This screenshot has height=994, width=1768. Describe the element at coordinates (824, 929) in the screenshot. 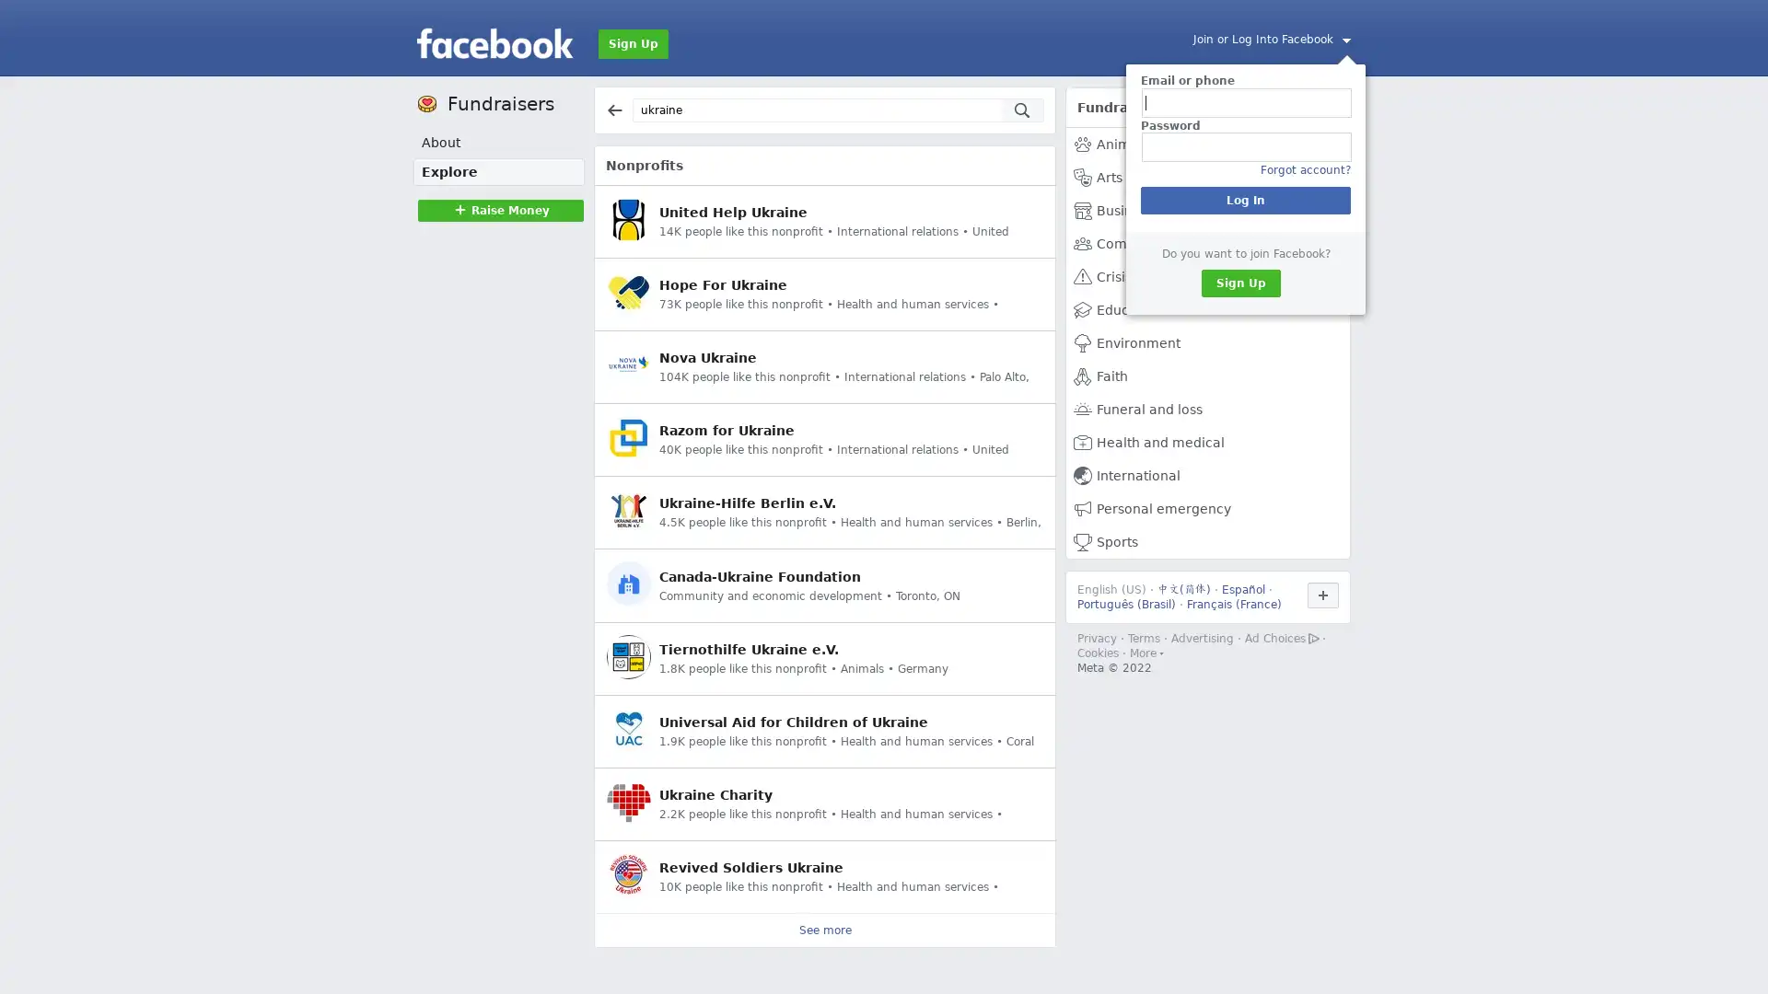

I see `See more` at that location.